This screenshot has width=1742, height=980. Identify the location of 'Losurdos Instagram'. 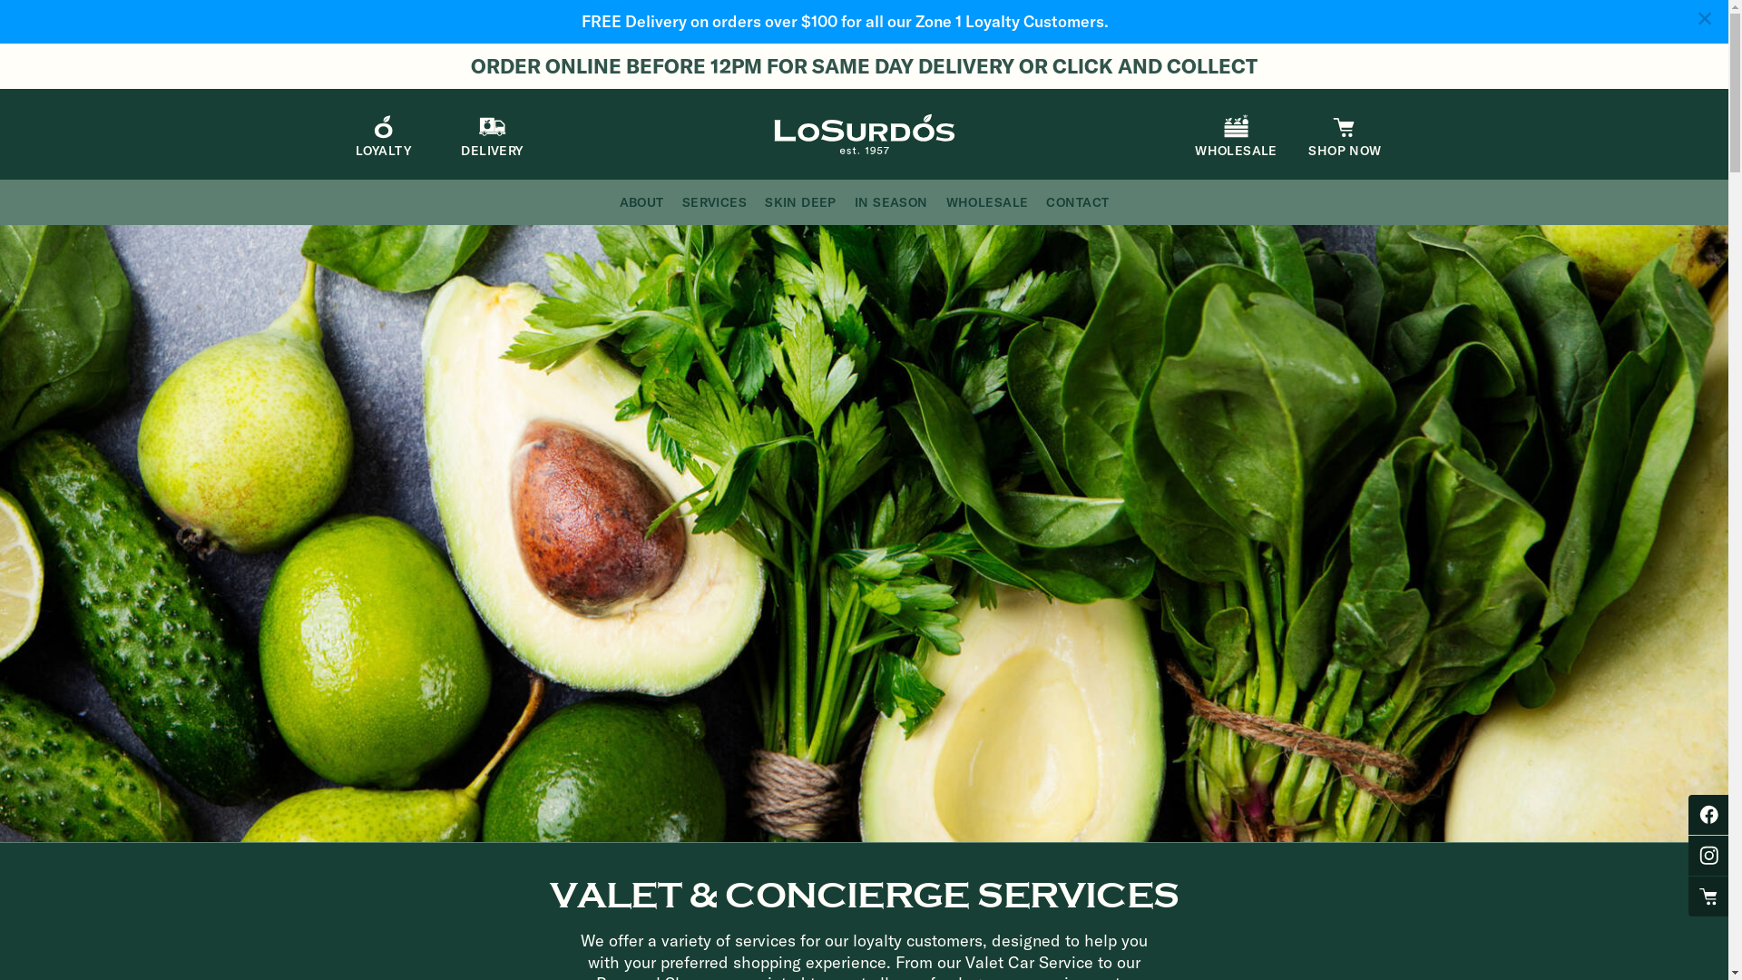
(1711, 855).